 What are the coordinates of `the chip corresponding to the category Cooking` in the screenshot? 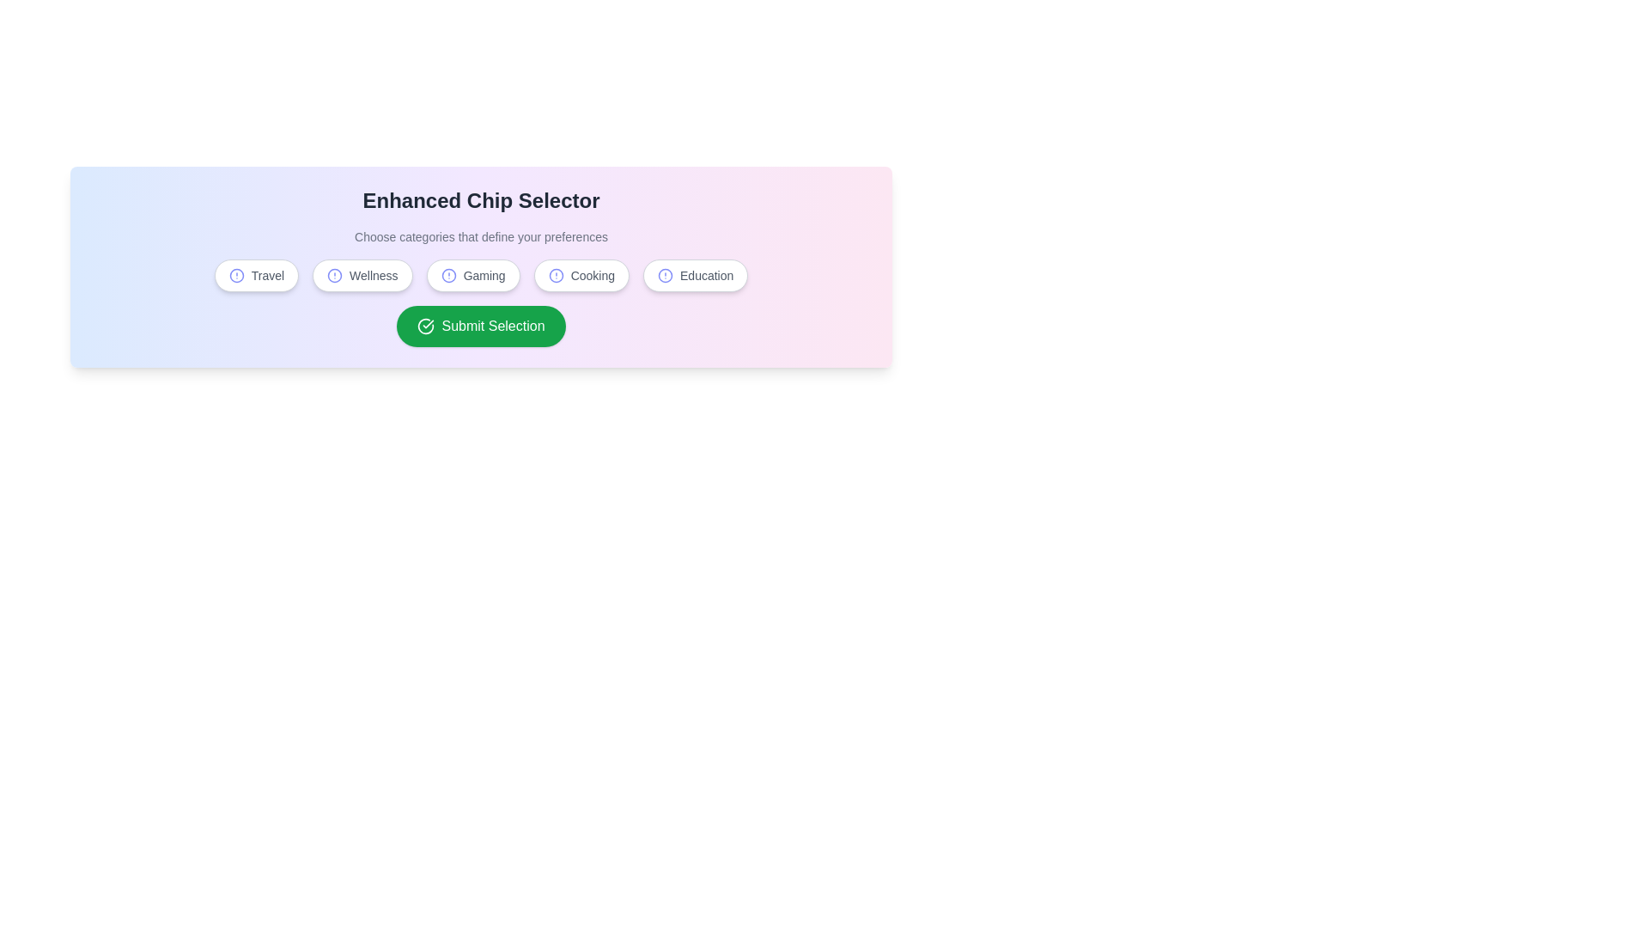 It's located at (581, 274).